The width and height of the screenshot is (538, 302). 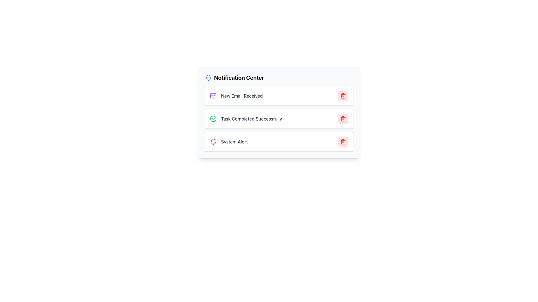 What do you see at coordinates (343, 141) in the screenshot?
I see `the delete icon button located at the right end of the third notification item` at bounding box center [343, 141].